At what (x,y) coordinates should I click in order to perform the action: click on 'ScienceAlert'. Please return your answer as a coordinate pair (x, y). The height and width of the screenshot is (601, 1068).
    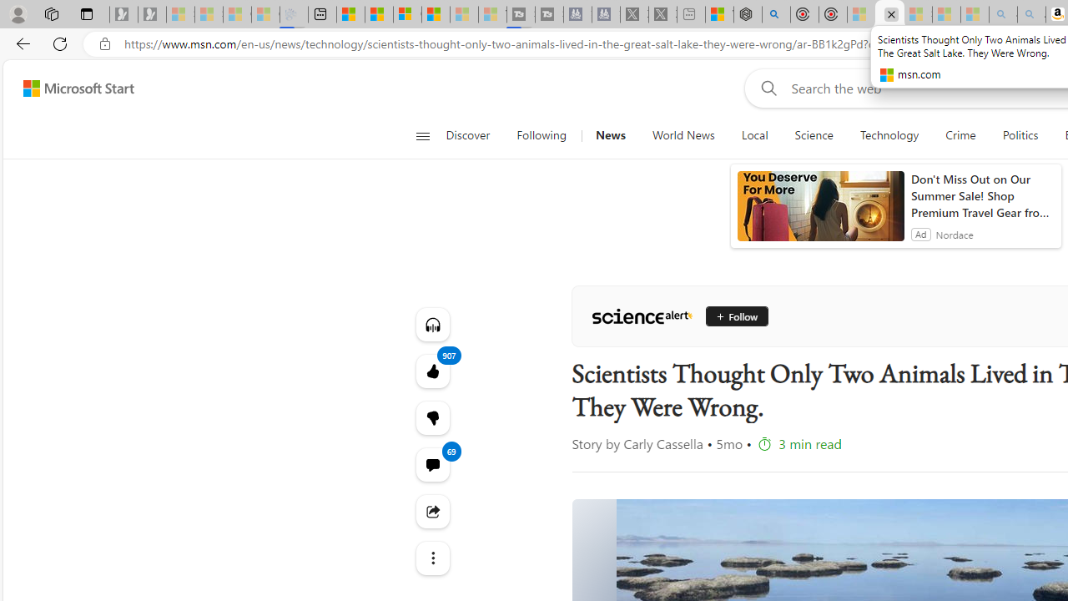
    Looking at the image, I should click on (641, 316).